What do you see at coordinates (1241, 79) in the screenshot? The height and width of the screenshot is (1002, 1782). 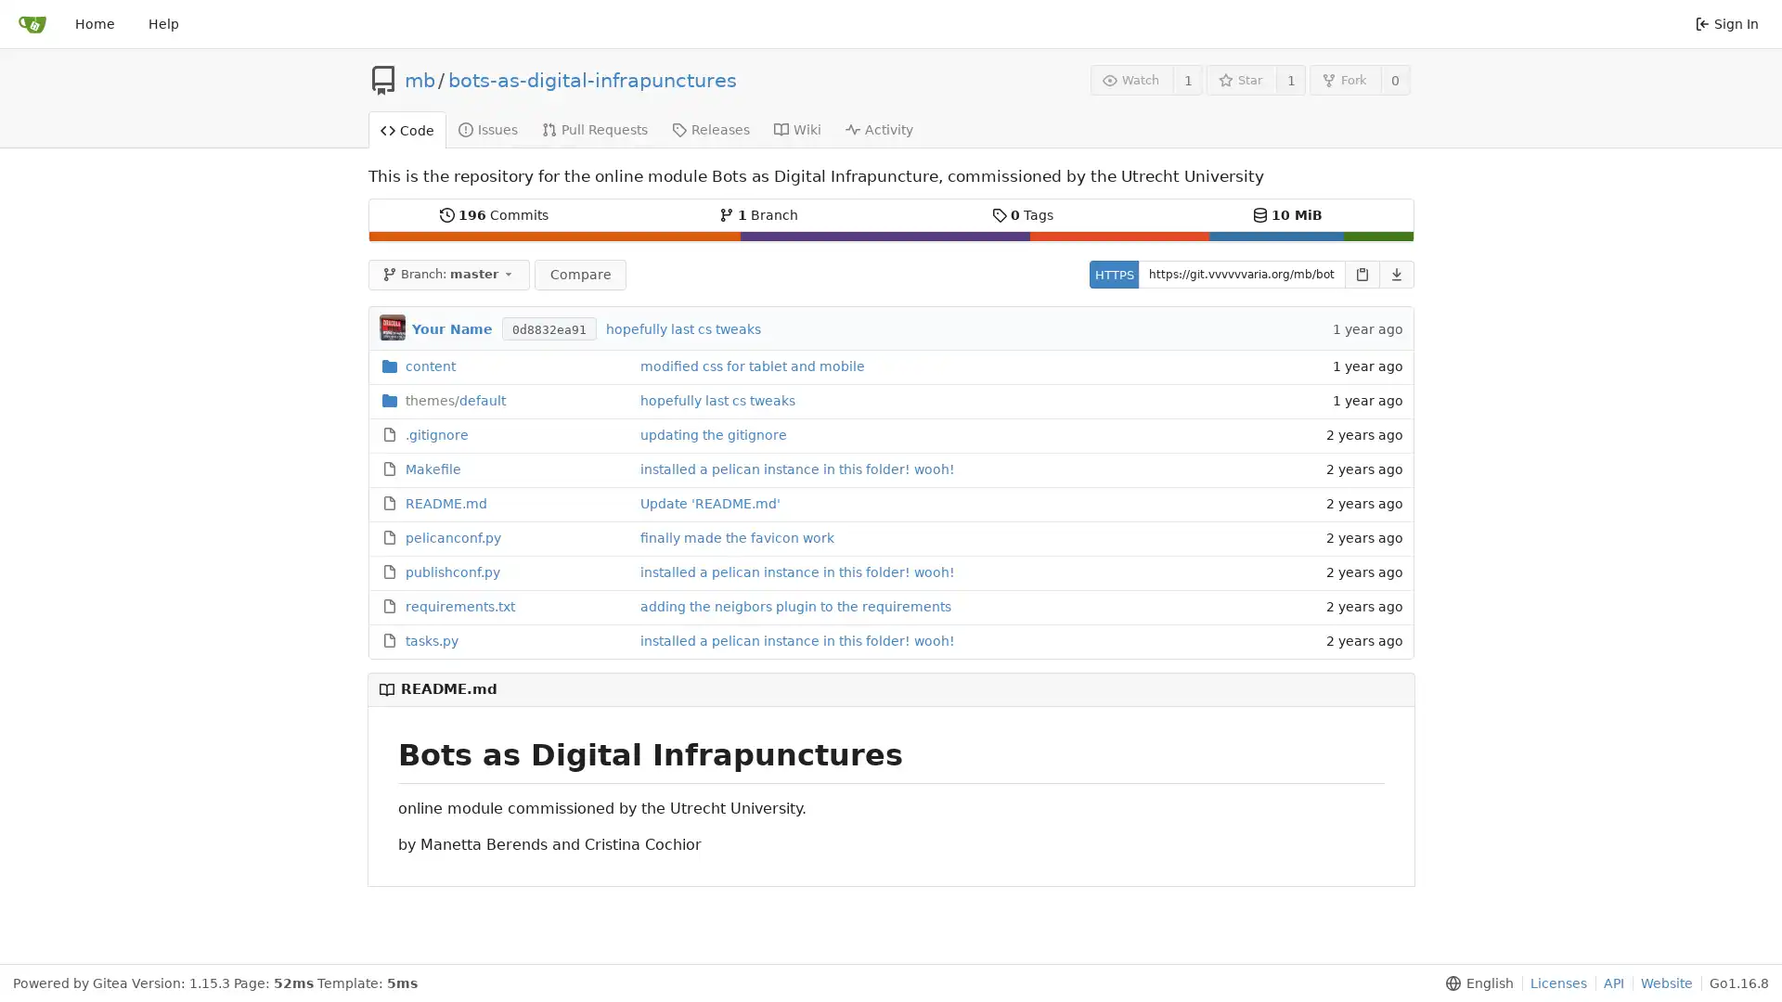 I see `Star` at bounding box center [1241, 79].